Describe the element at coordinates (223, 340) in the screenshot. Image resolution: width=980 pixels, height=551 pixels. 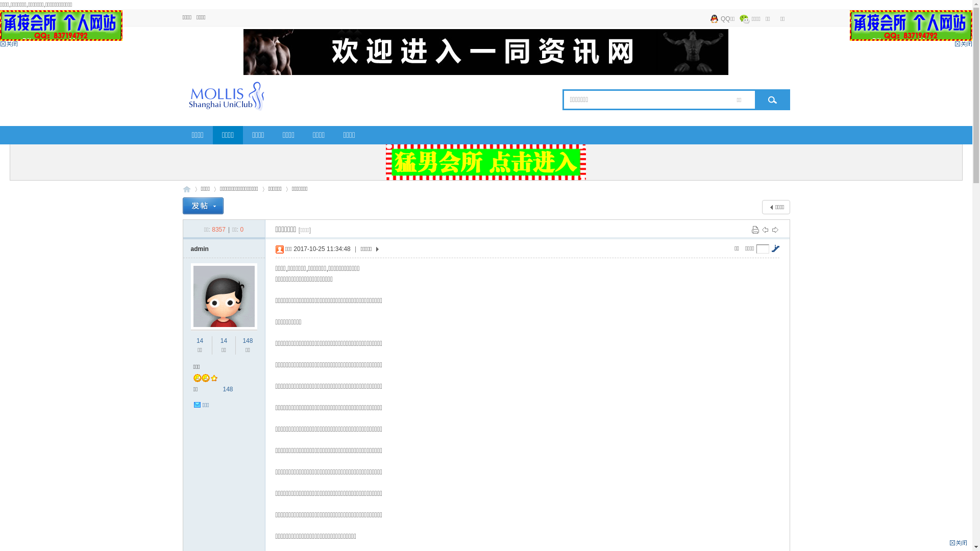
I see `'14'` at that location.